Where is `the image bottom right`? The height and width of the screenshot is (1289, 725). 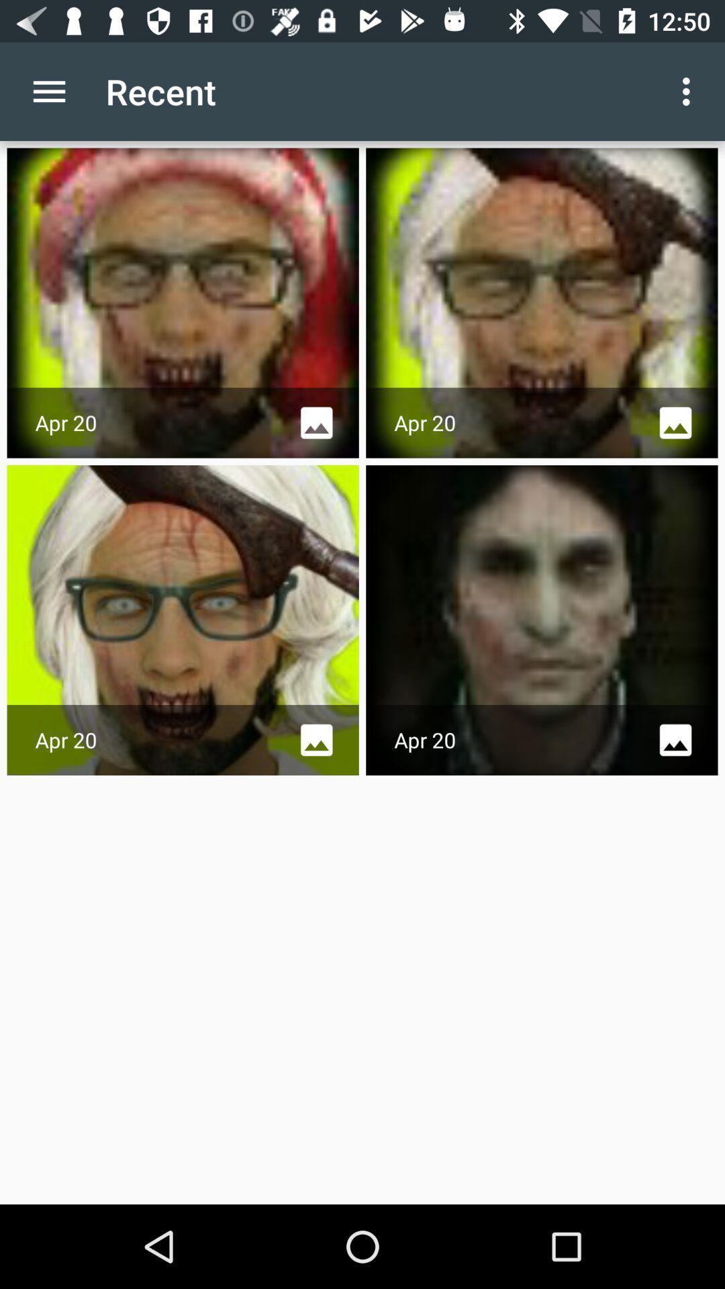 the image bottom right is located at coordinates (541, 620).